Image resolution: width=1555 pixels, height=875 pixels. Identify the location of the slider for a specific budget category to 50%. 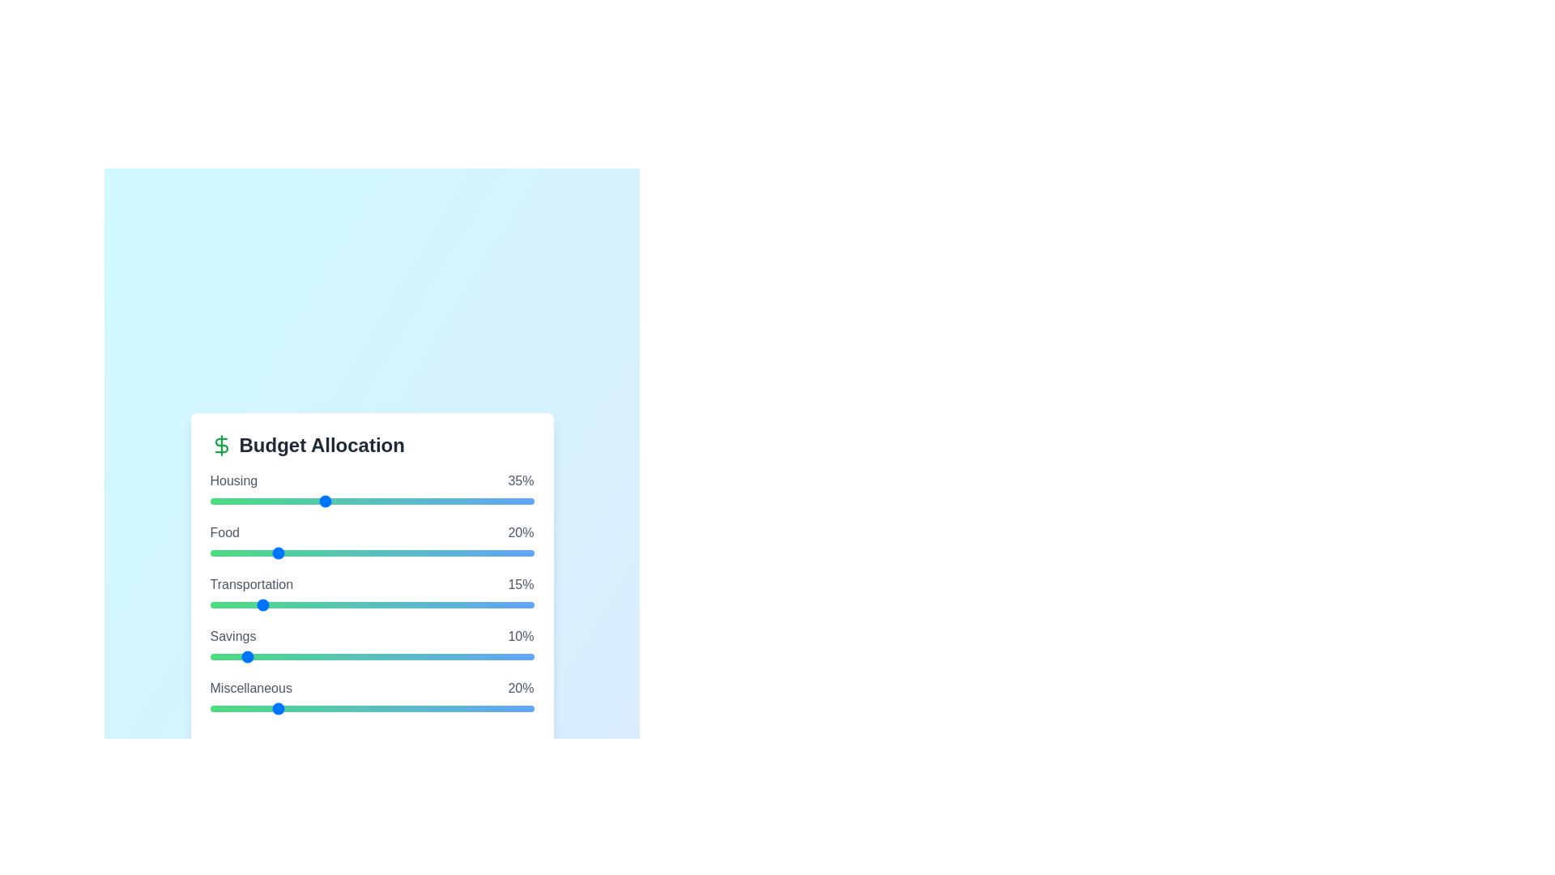
(371, 500).